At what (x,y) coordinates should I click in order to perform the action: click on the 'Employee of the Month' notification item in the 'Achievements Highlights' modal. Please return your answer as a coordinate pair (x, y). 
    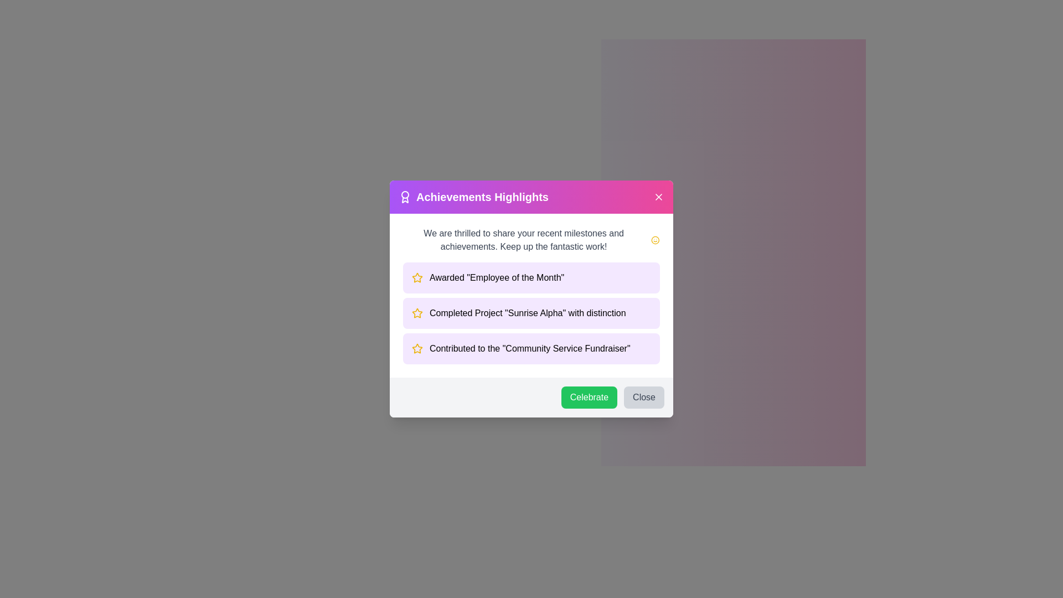
    Looking at the image, I should click on (531, 277).